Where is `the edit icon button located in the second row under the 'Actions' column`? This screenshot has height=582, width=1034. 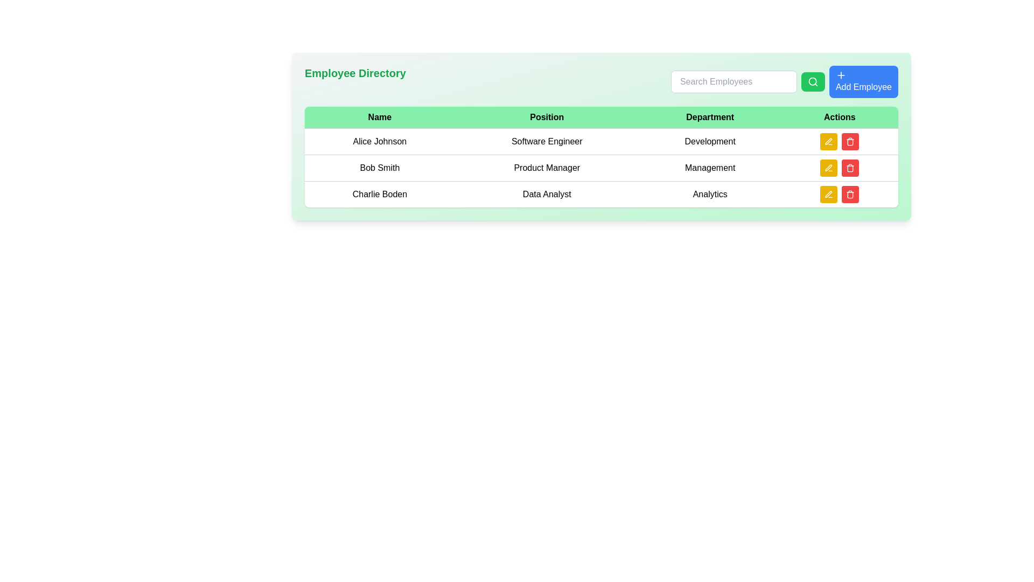 the edit icon button located in the second row under the 'Actions' column is located at coordinates (828, 168).